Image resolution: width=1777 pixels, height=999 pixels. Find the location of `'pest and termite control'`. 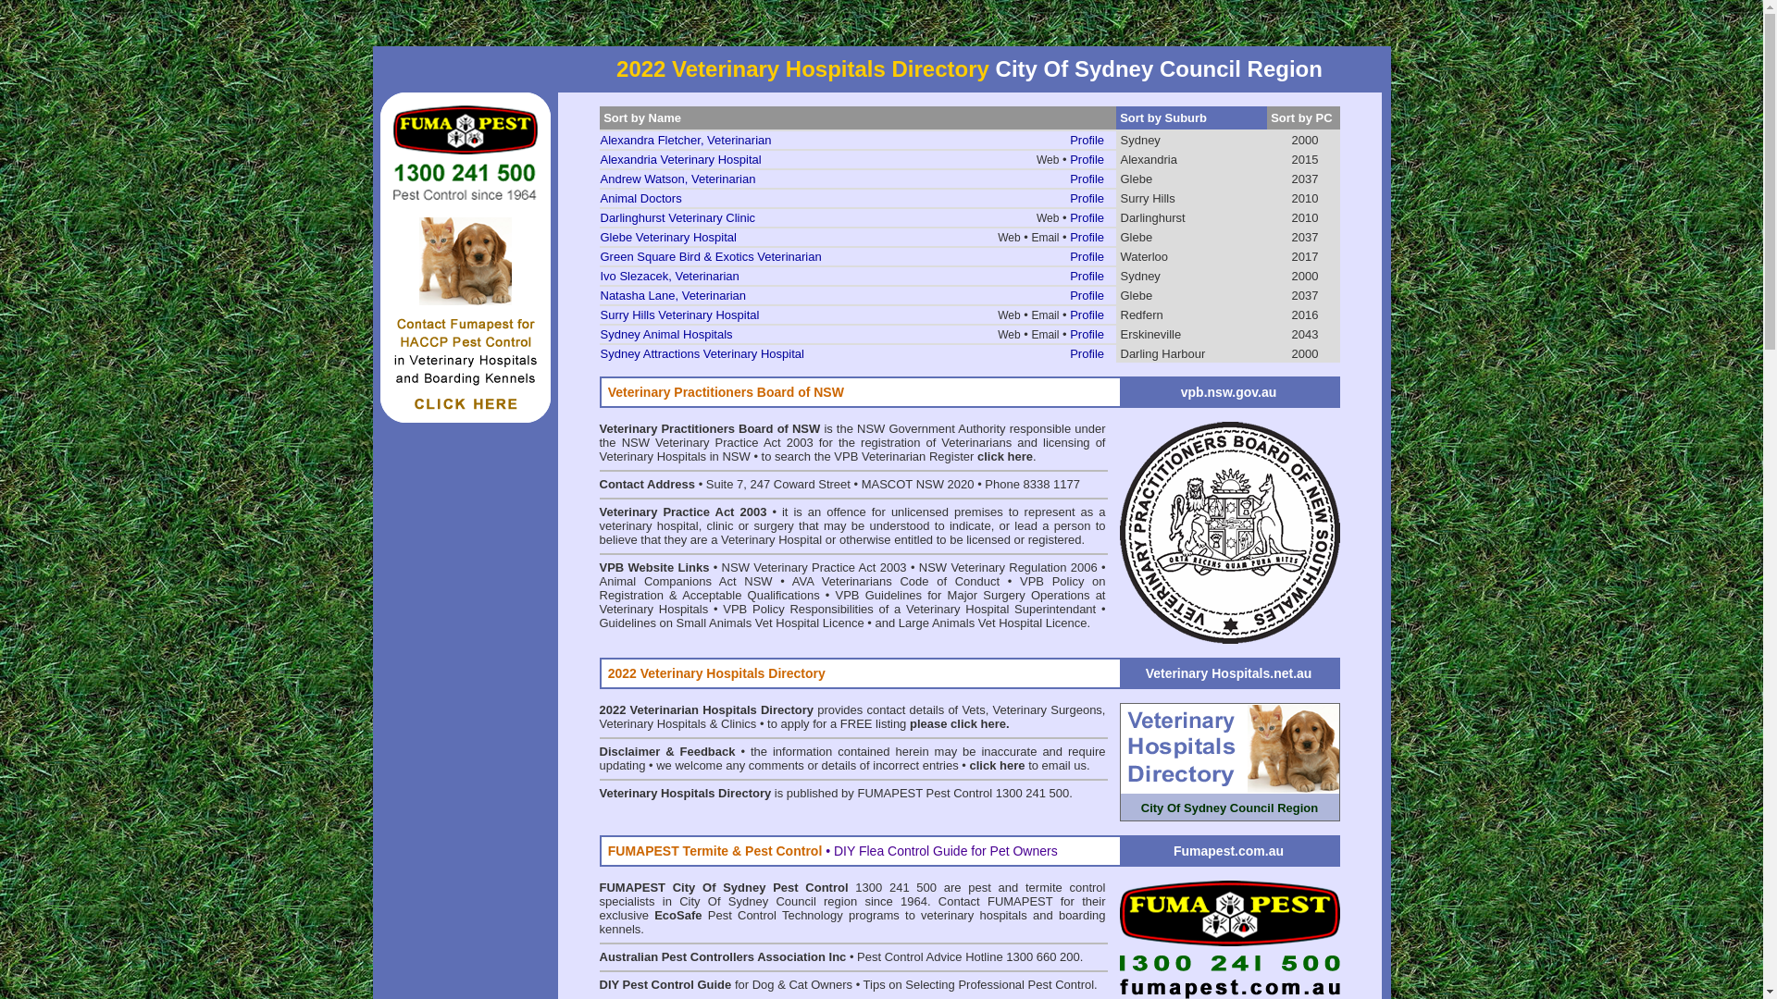

'pest and termite control' is located at coordinates (1035, 886).